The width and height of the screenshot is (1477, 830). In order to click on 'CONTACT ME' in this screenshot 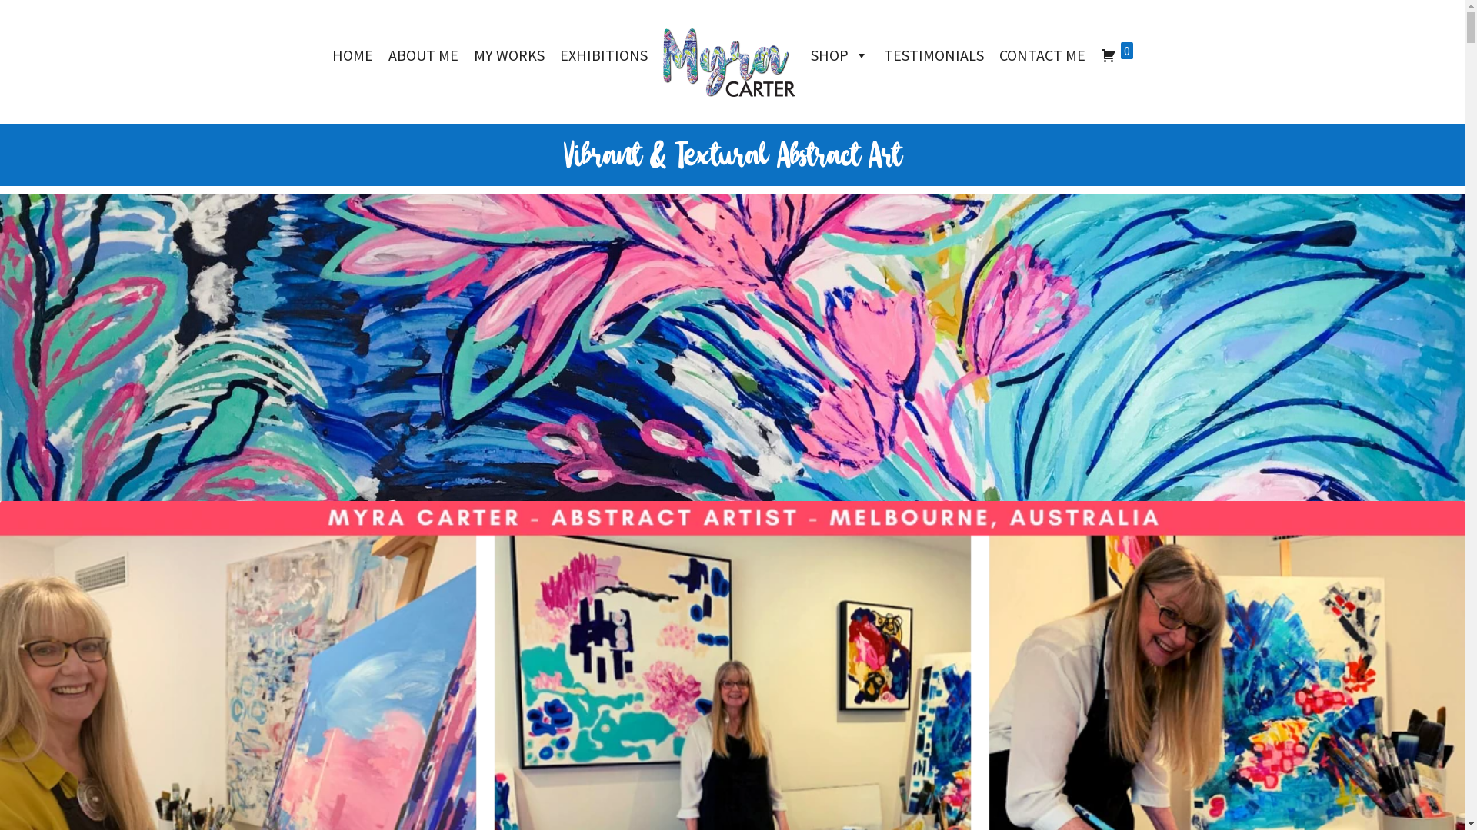, I will do `click(1042, 55)`.